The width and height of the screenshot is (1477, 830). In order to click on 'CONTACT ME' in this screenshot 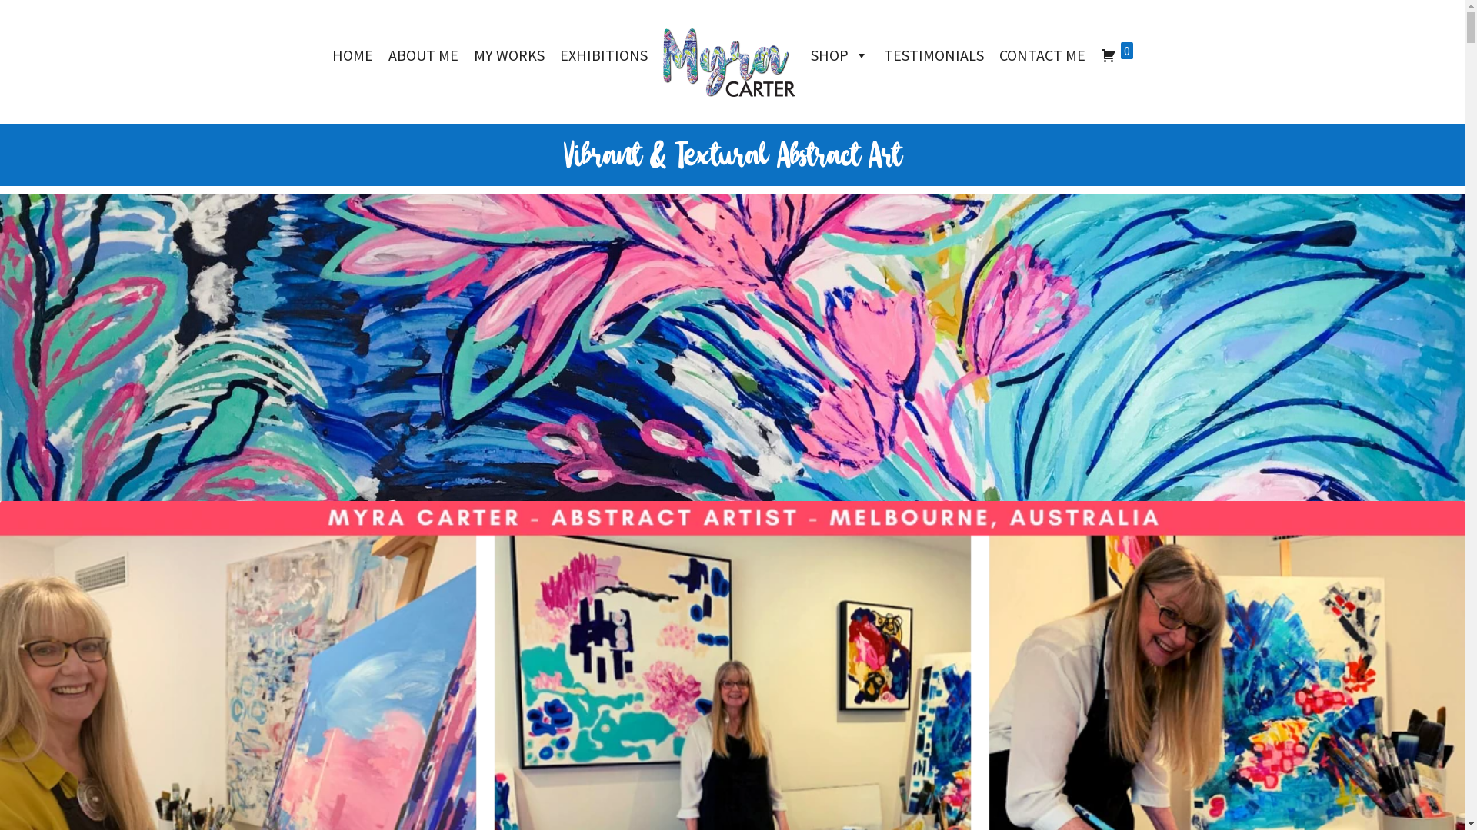, I will do `click(1042, 55)`.